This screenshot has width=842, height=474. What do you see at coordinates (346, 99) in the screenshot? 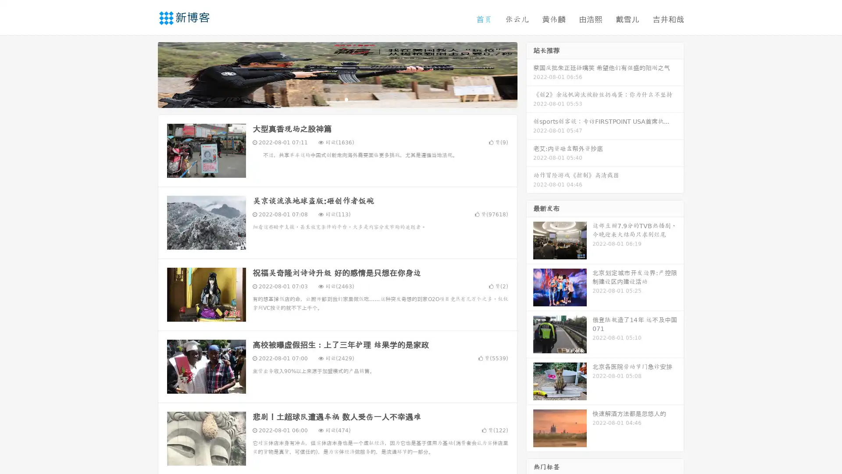
I see `Go to slide 3` at bounding box center [346, 99].